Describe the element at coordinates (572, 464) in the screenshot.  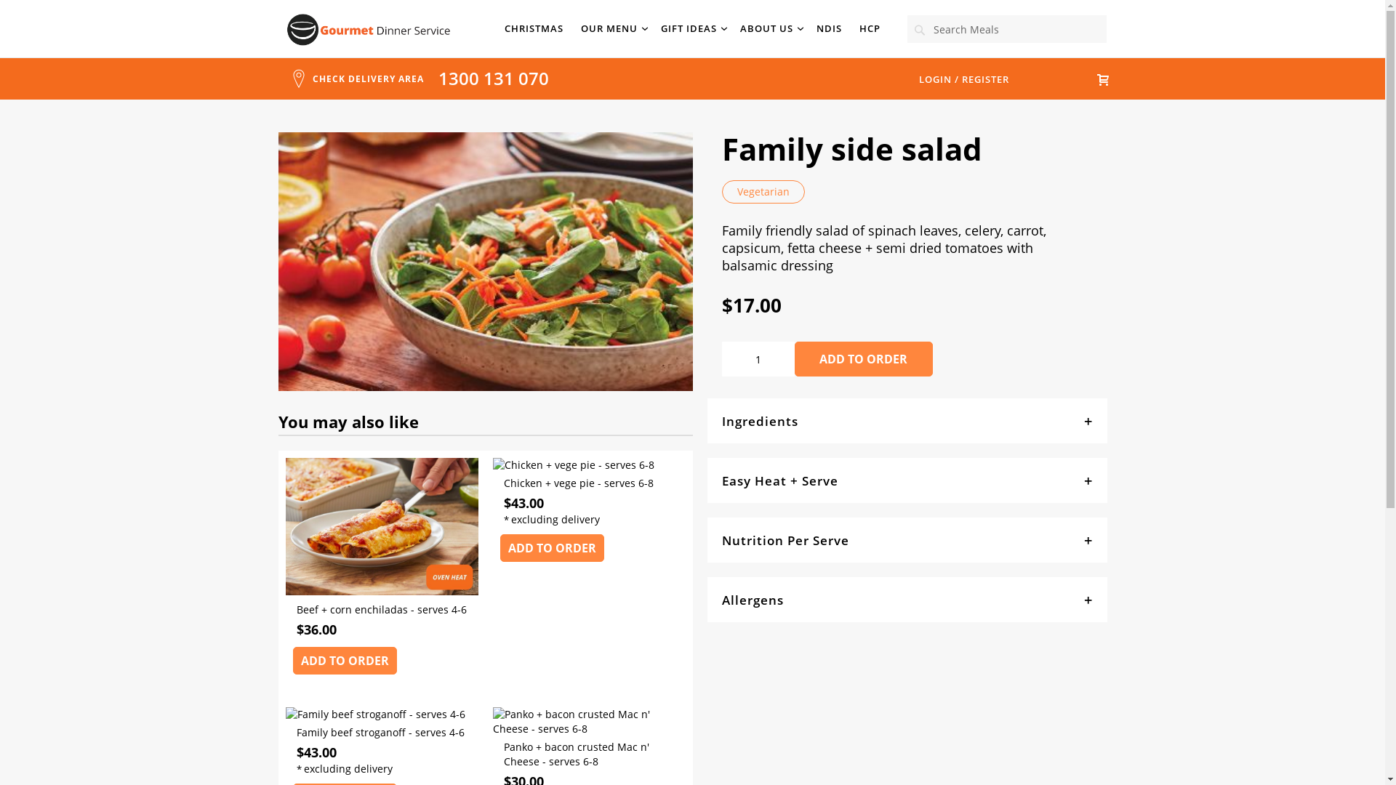
I see `'Chicken + vege pie - serves 6-8'` at that location.